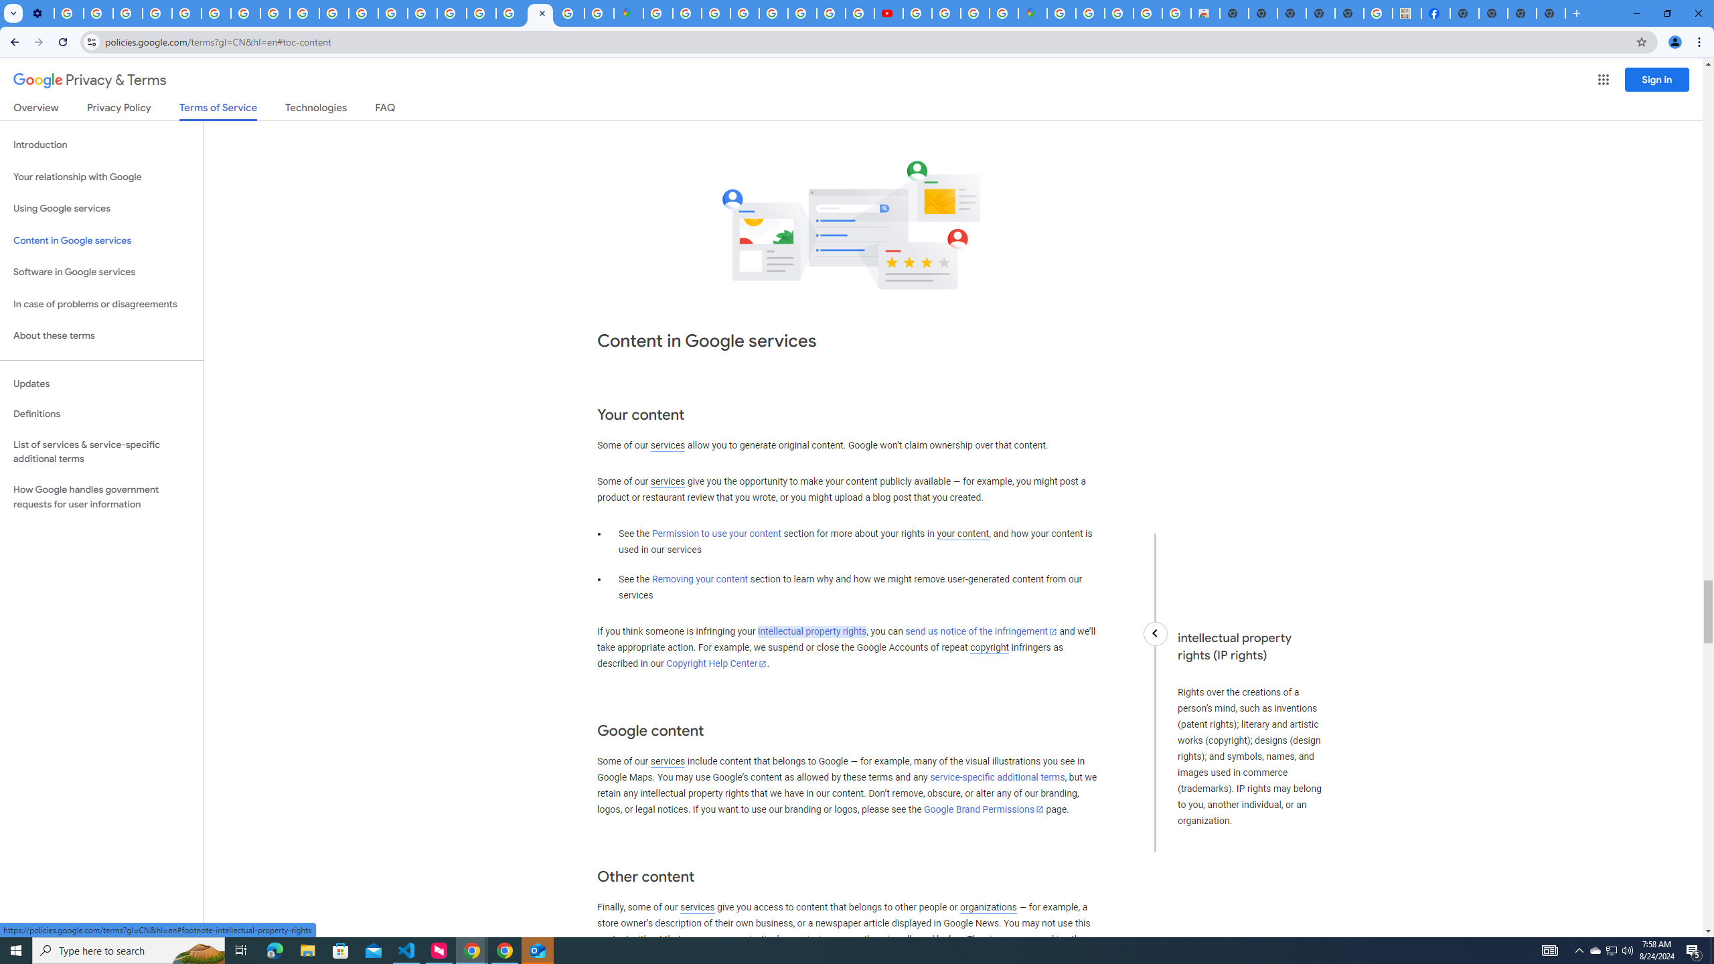 The width and height of the screenshot is (1714, 964). What do you see at coordinates (101, 451) in the screenshot?
I see `'List of services & service-specific additional terms'` at bounding box center [101, 451].